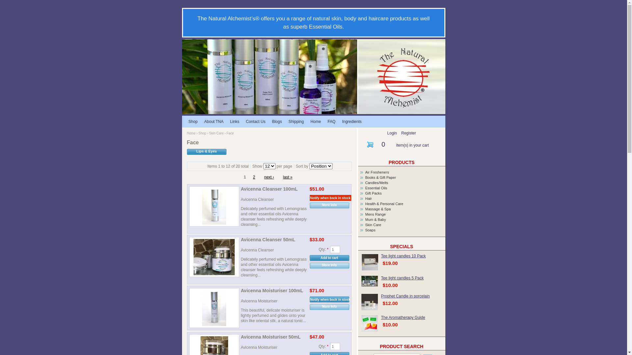  I want to click on 'FAQ', so click(331, 121).